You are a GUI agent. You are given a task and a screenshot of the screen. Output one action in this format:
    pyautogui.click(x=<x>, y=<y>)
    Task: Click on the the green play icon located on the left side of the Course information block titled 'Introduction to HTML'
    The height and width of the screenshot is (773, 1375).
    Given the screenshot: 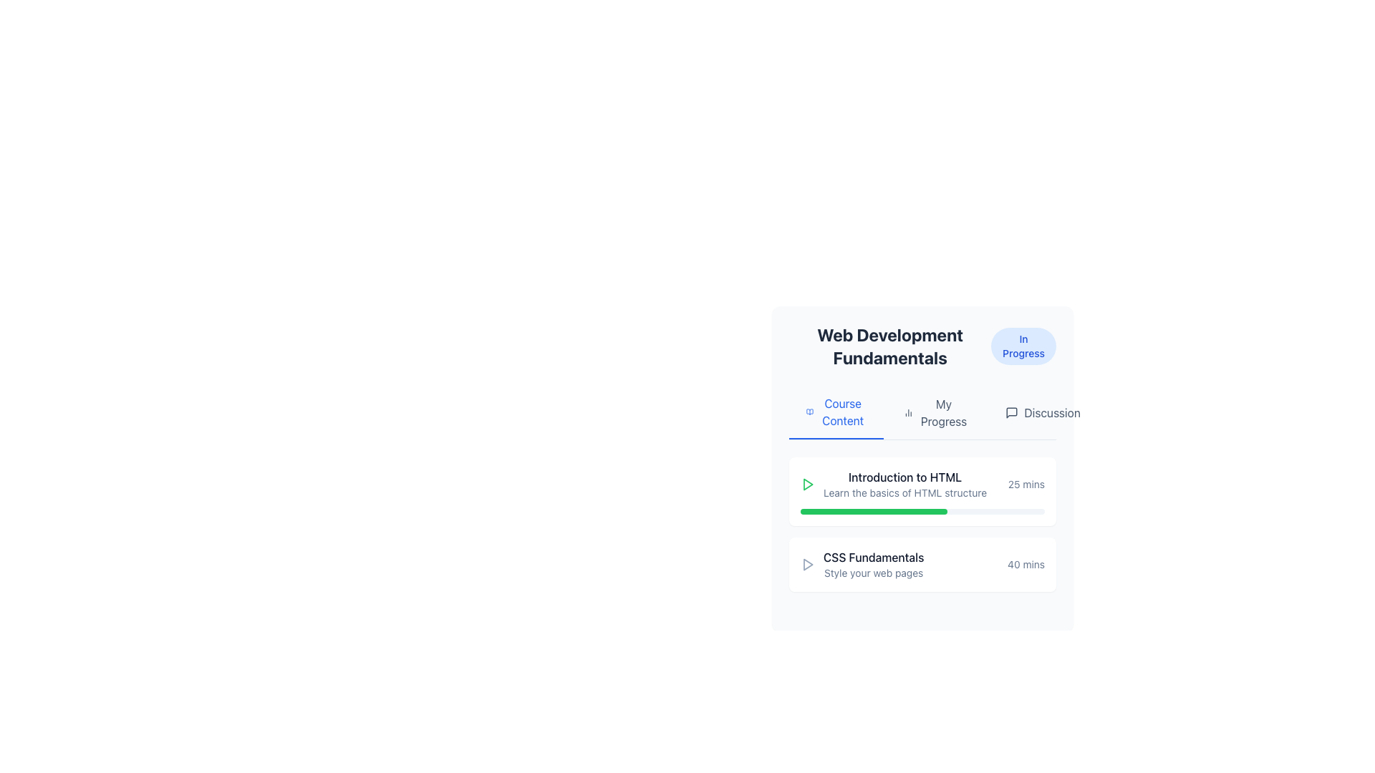 What is the action you would take?
    pyautogui.click(x=922, y=484)
    